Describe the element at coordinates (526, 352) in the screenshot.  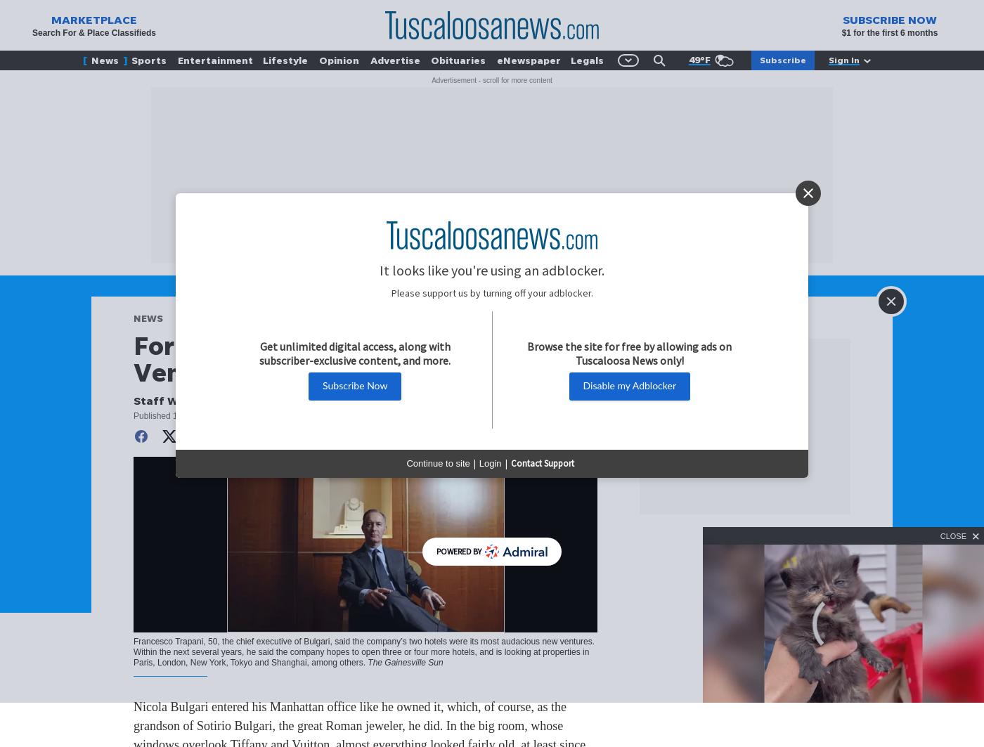
I see `'Browse the site for free by allowing ads on Tuscaloosa News only!'` at that location.